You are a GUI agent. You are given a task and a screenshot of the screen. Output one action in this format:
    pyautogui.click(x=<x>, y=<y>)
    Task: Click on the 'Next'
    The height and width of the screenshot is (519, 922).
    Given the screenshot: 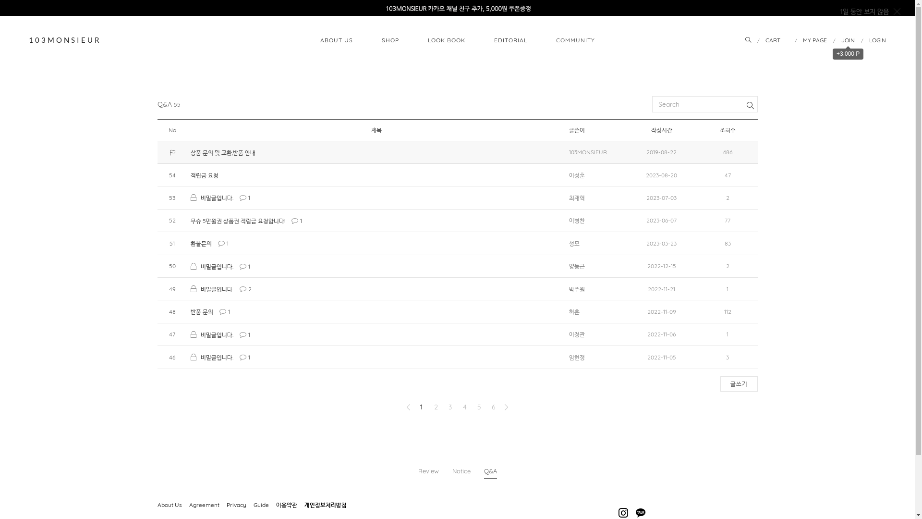 What is the action you would take?
    pyautogui.click(x=506, y=407)
    